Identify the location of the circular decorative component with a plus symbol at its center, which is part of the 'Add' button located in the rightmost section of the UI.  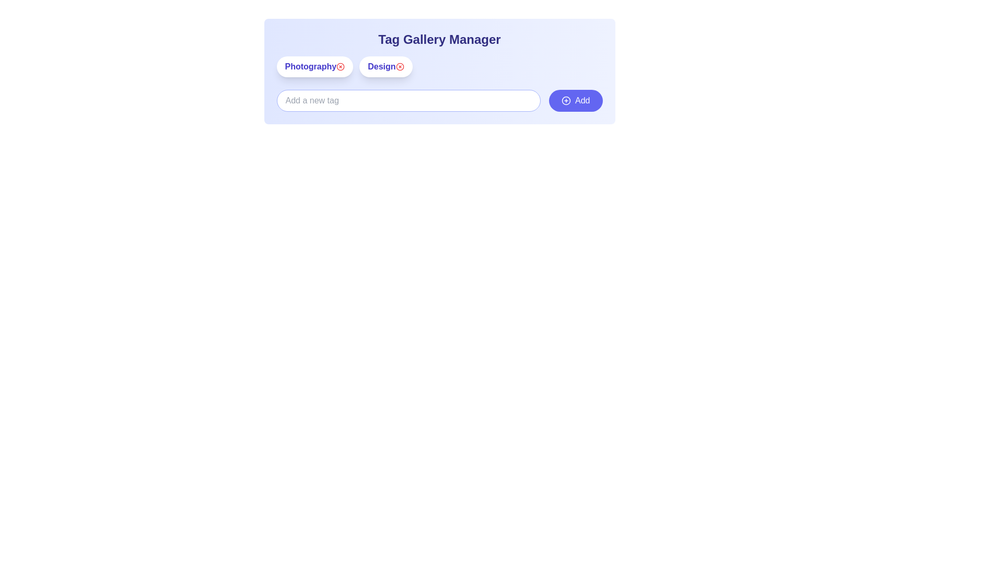
(566, 100).